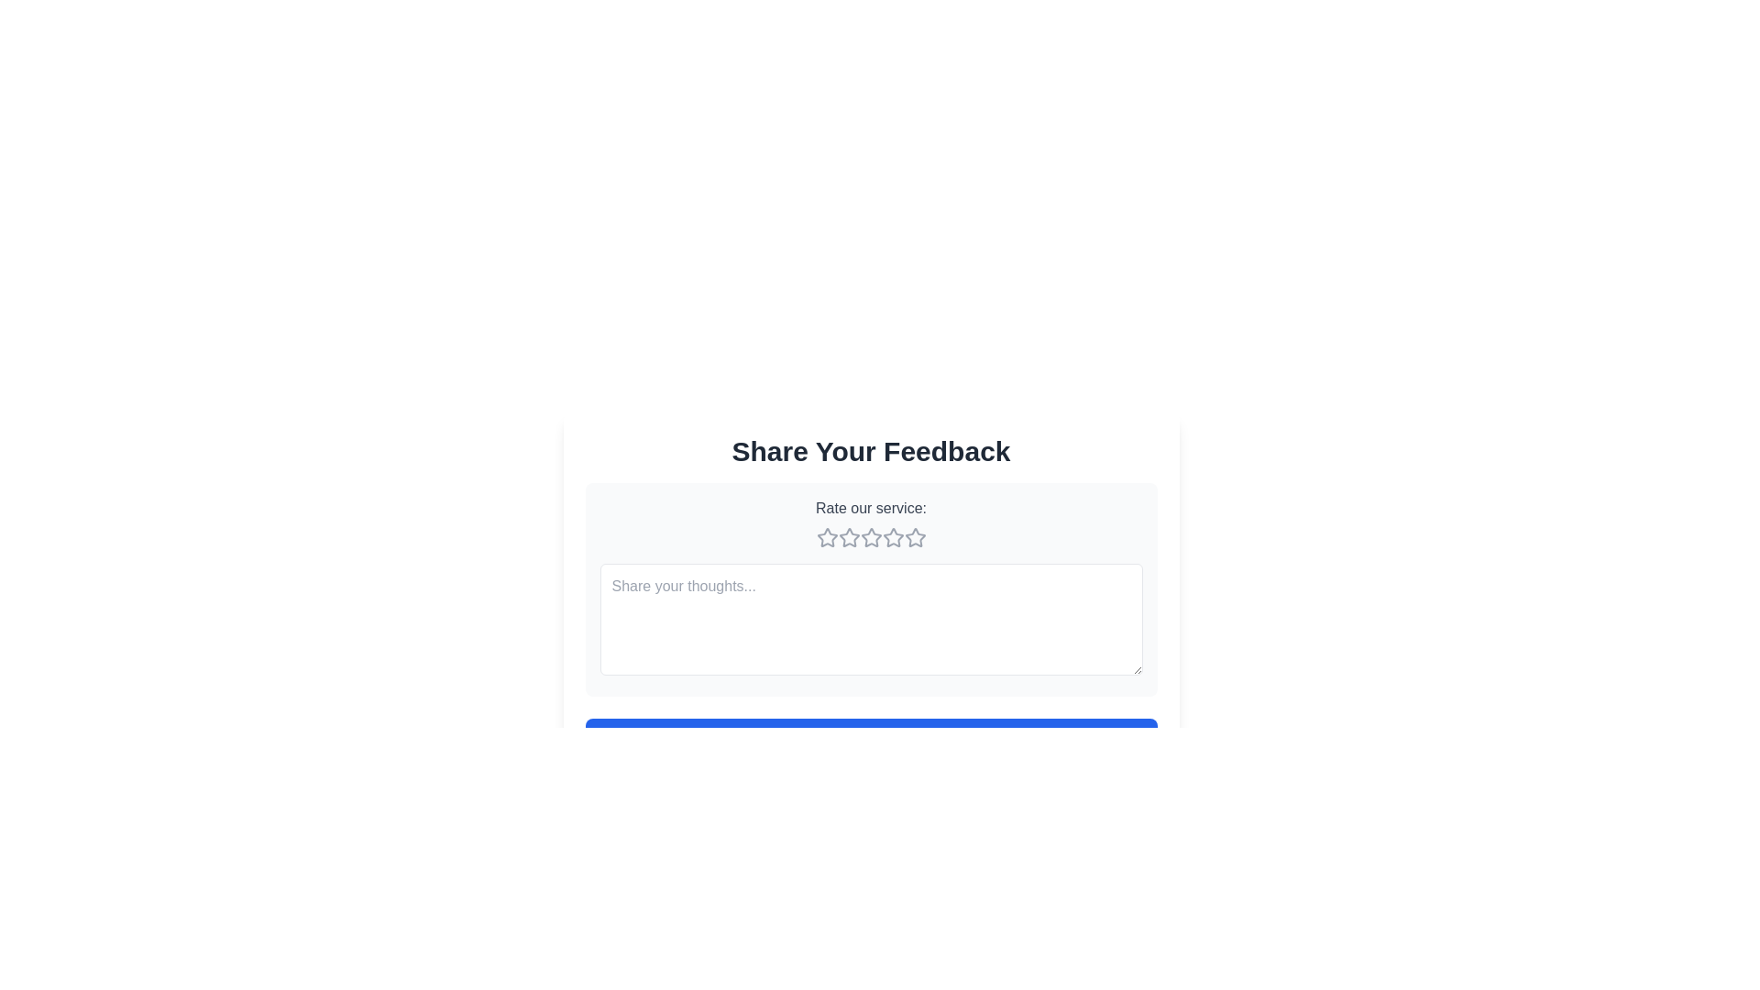 This screenshot has height=990, width=1760. I want to click on the third star icon in the horizontal row of five, so click(848, 536).